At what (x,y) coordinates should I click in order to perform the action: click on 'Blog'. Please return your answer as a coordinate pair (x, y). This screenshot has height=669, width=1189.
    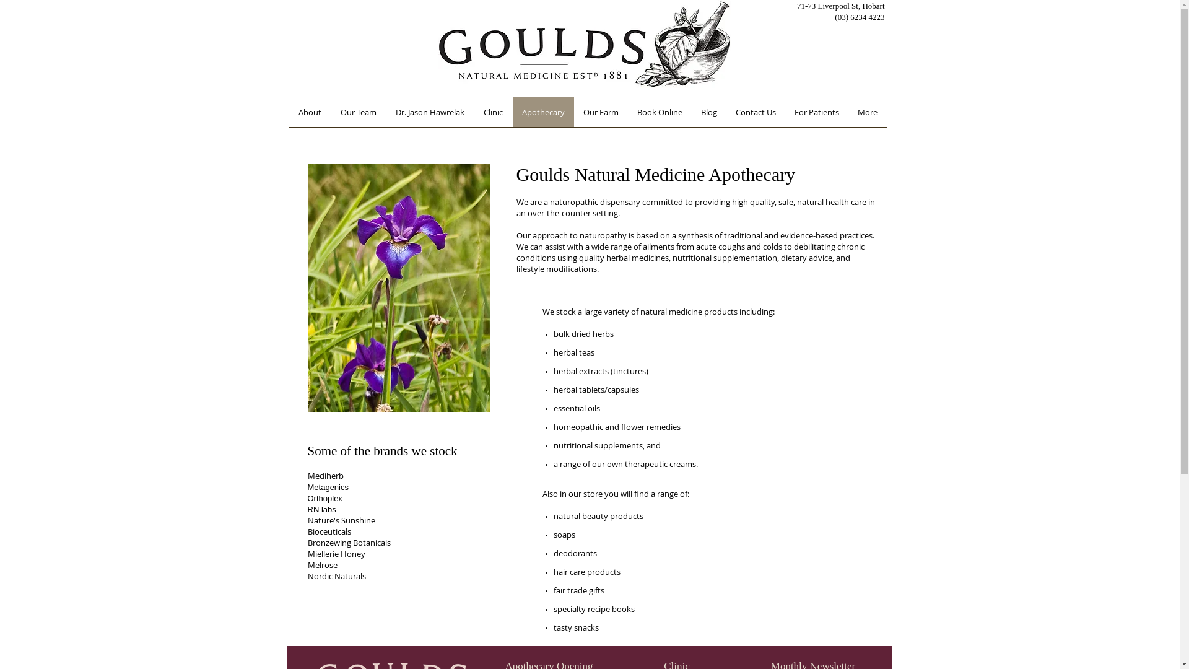
    Looking at the image, I should click on (708, 112).